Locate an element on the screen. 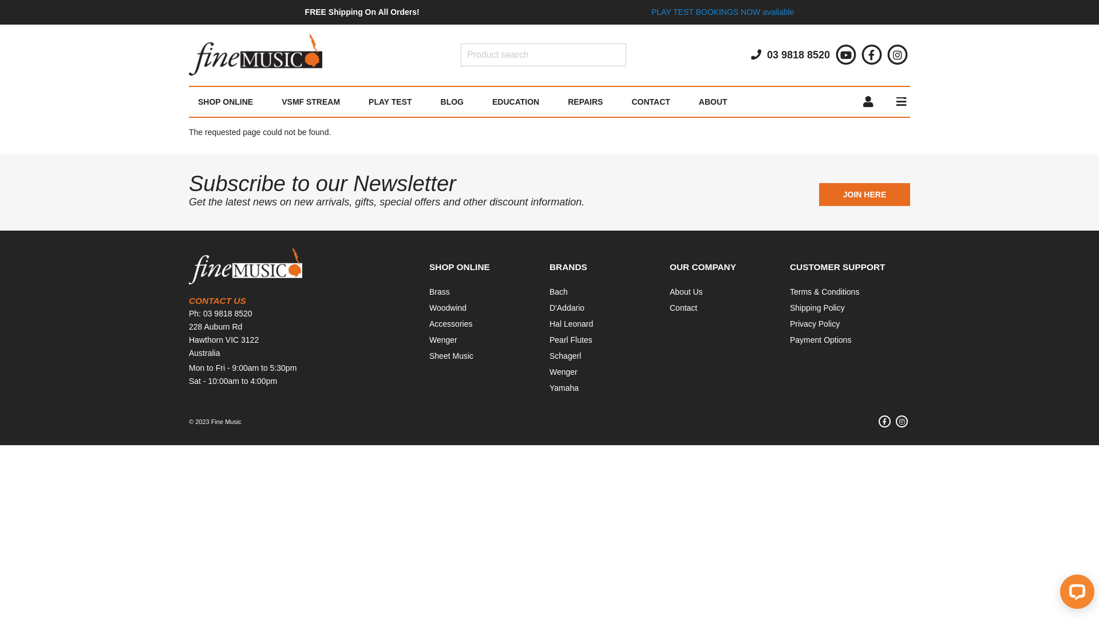 The width and height of the screenshot is (1099, 618). 'Hal Leonard' is located at coordinates (549, 324).